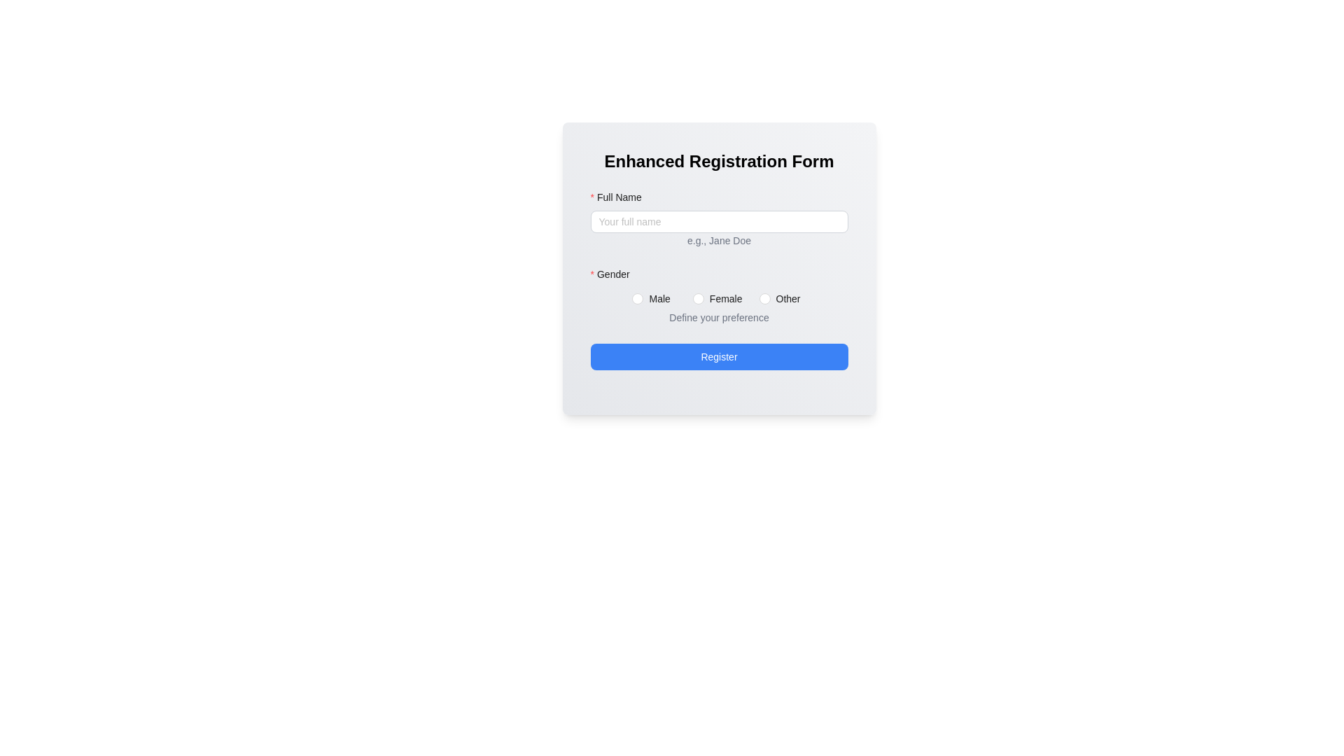 This screenshot has height=756, width=1344. What do you see at coordinates (719, 298) in the screenshot?
I see `the 'Female' radio button in the Gender section of the registration form to trigger a tooltip or style change` at bounding box center [719, 298].